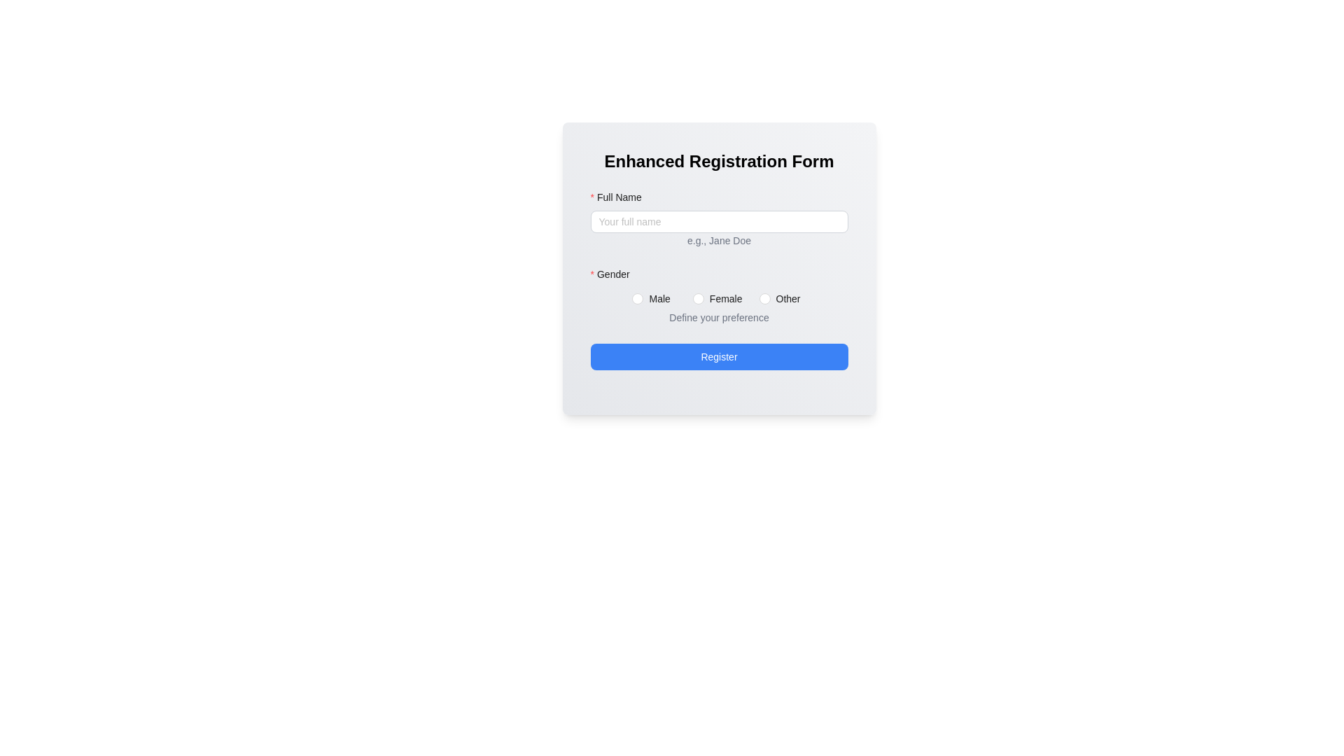 This screenshot has height=756, width=1344. What do you see at coordinates (719, 298) in the screenshot?
I see `the 'Female' radio button in the Gender section of the registration form to trigger a tooltip or style change` at bounding box center [719, 298].